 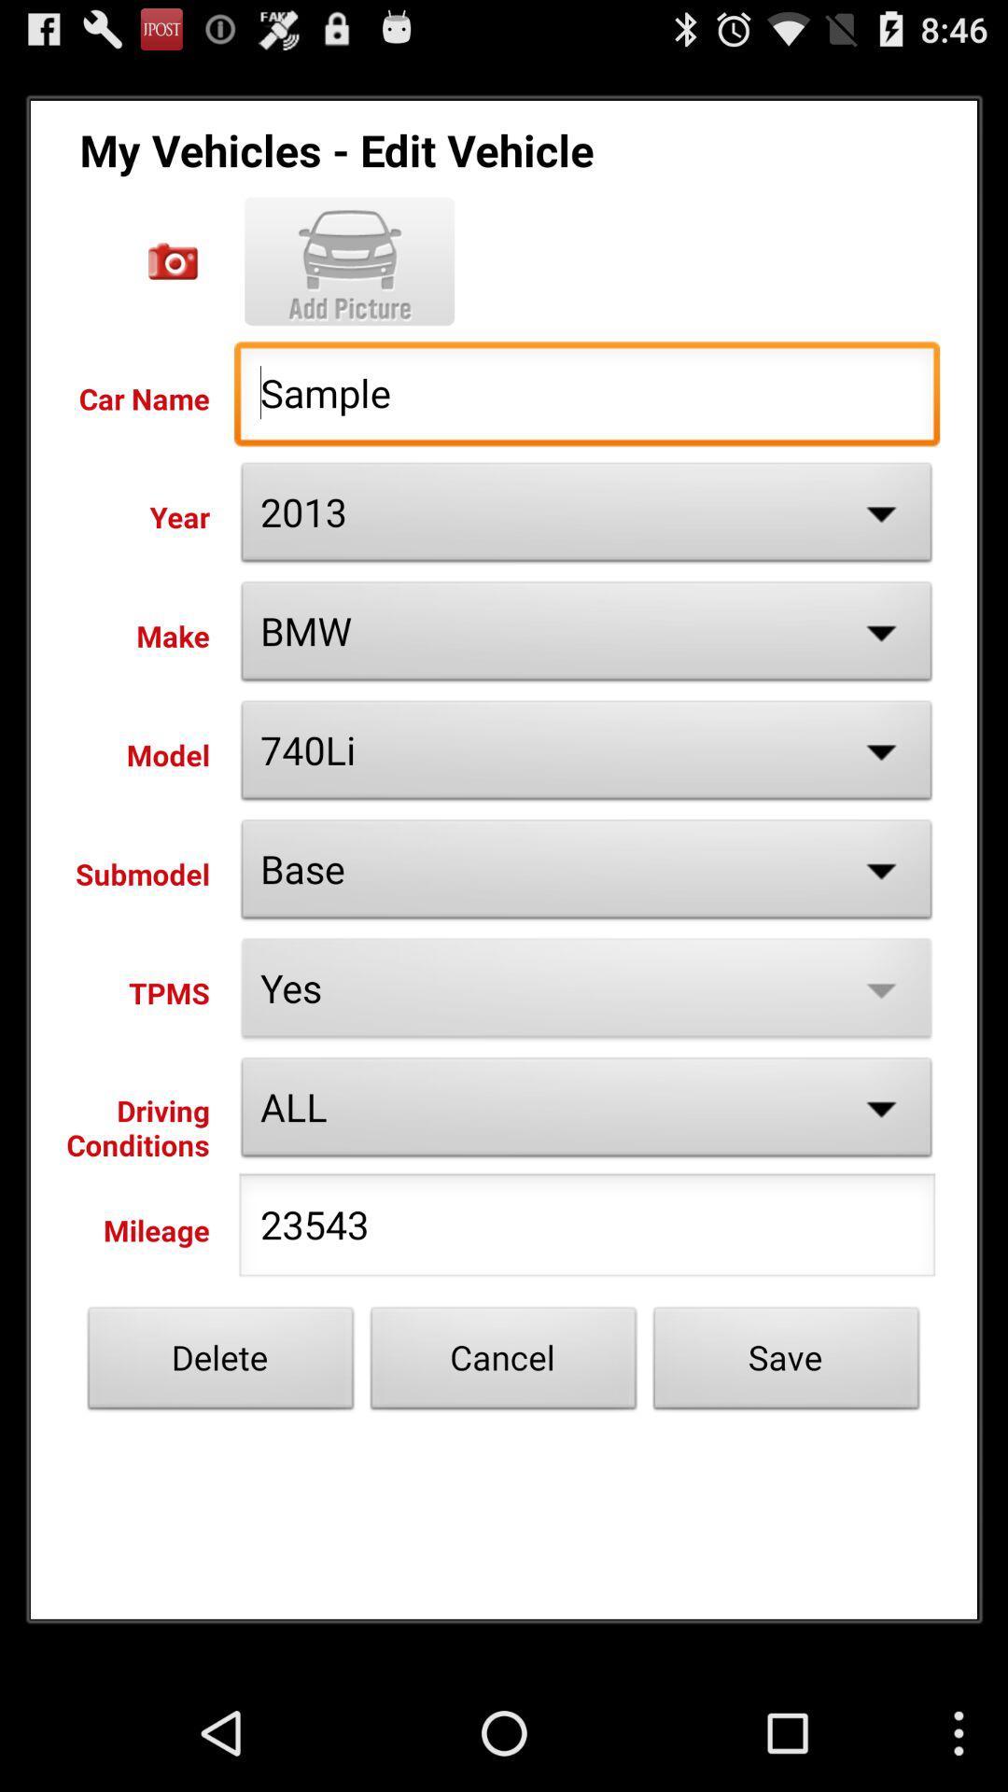 I want to click on photo, so click(x=349, y=260).